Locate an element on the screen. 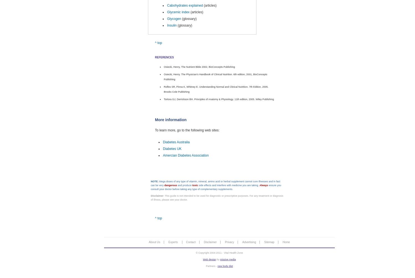  'Osiecki, Henry. The Physician's Handbook of Clinical Nutrition. 6th edition, 2001, BioConcepts Publishing' is located at coordinates (215, 76).